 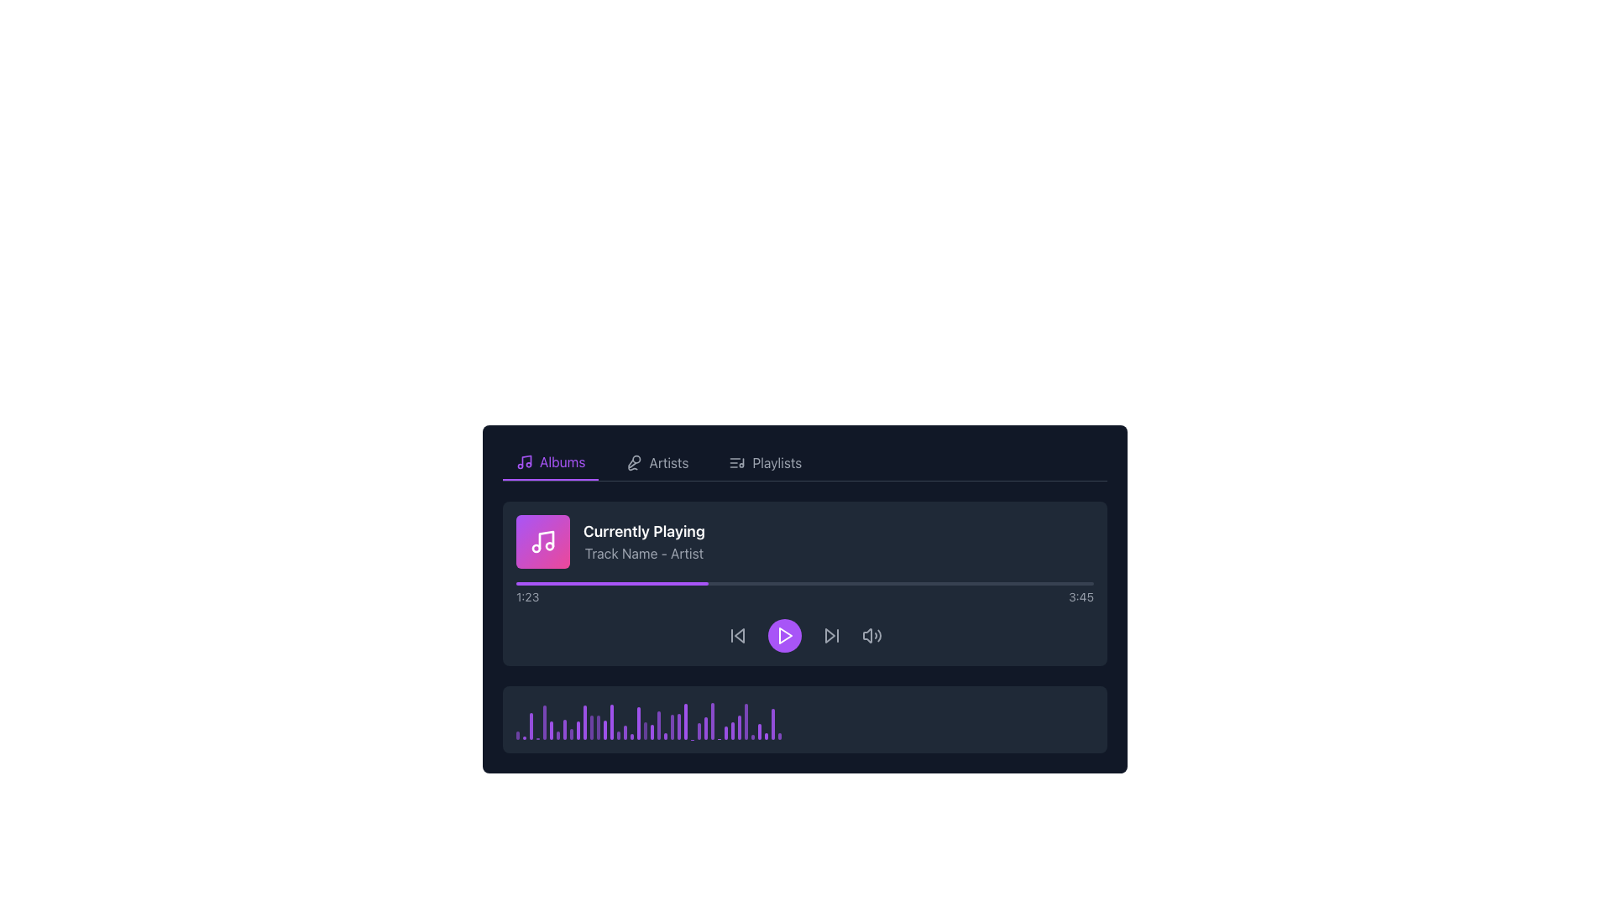 I want to click on the decorative vertical bar styled in purple and semi-transparent, which is the thirty-fourth bar in a series resembling a soundwave visualizer, so click(x=759, y=730).